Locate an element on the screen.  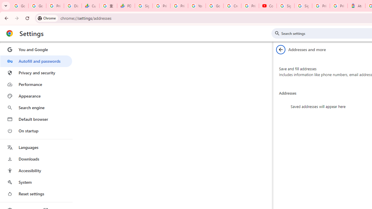
'Atour Hotel - Google hotels' is located at coordinates (356, 6).